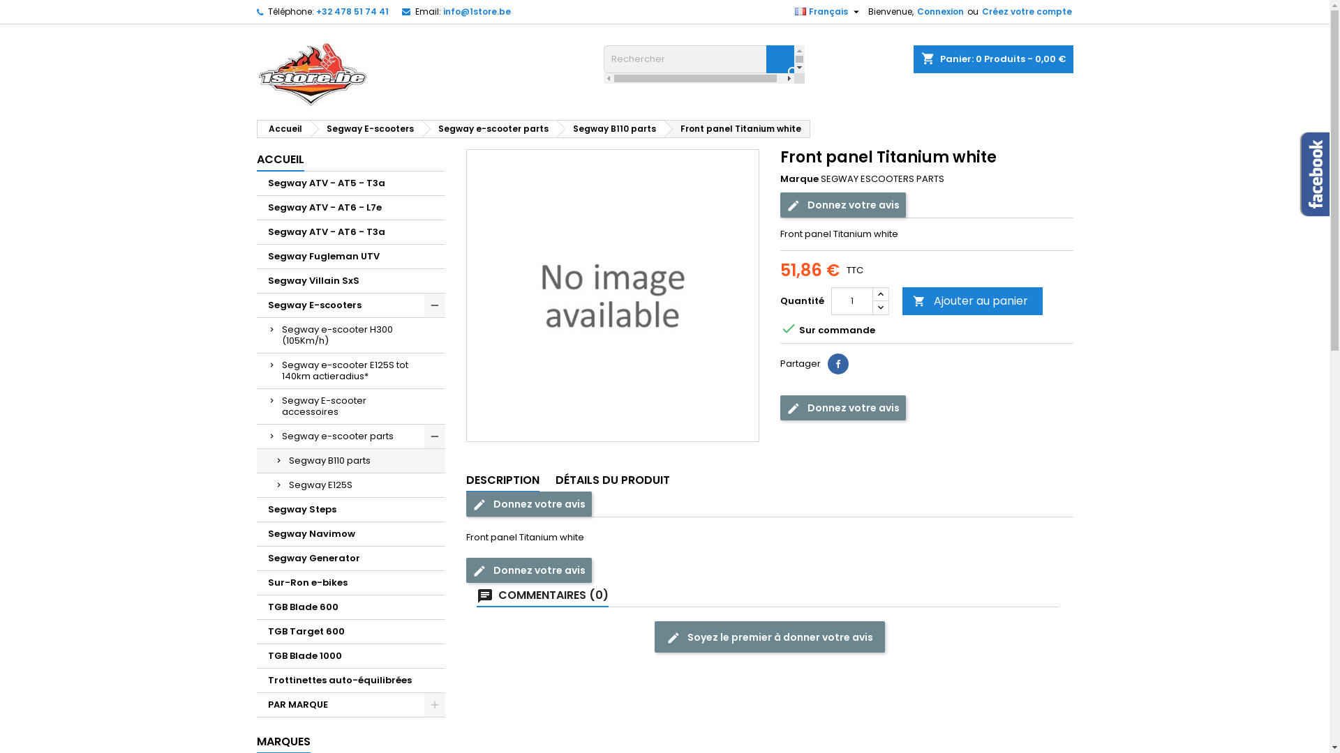 The image size is (1340, 753). Describe the element at coordinates (352, 11) in the screenshot. I see `'+32 478 51 74 41'` at that location.